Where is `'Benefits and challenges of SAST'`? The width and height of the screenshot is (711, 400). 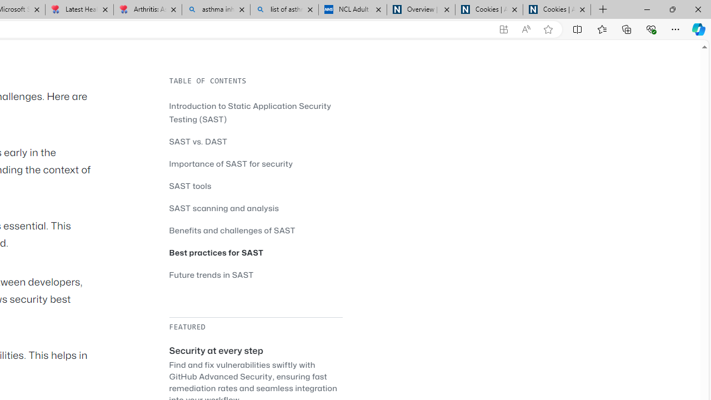
'Benefits and challenges of SAST' is located at coordinates (255, 229).